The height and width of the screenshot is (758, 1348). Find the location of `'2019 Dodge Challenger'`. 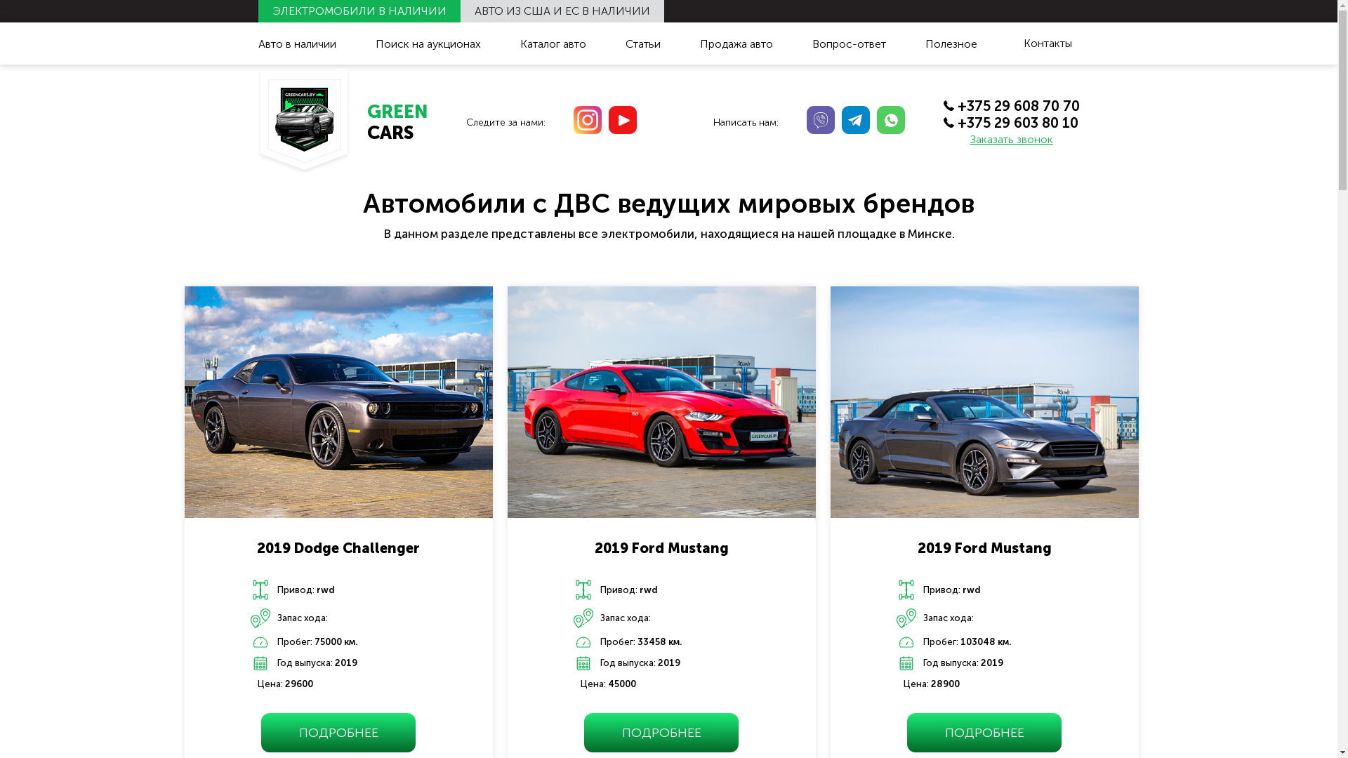

'2019 Dodge Challenger' is located at coordinates (256, 543).